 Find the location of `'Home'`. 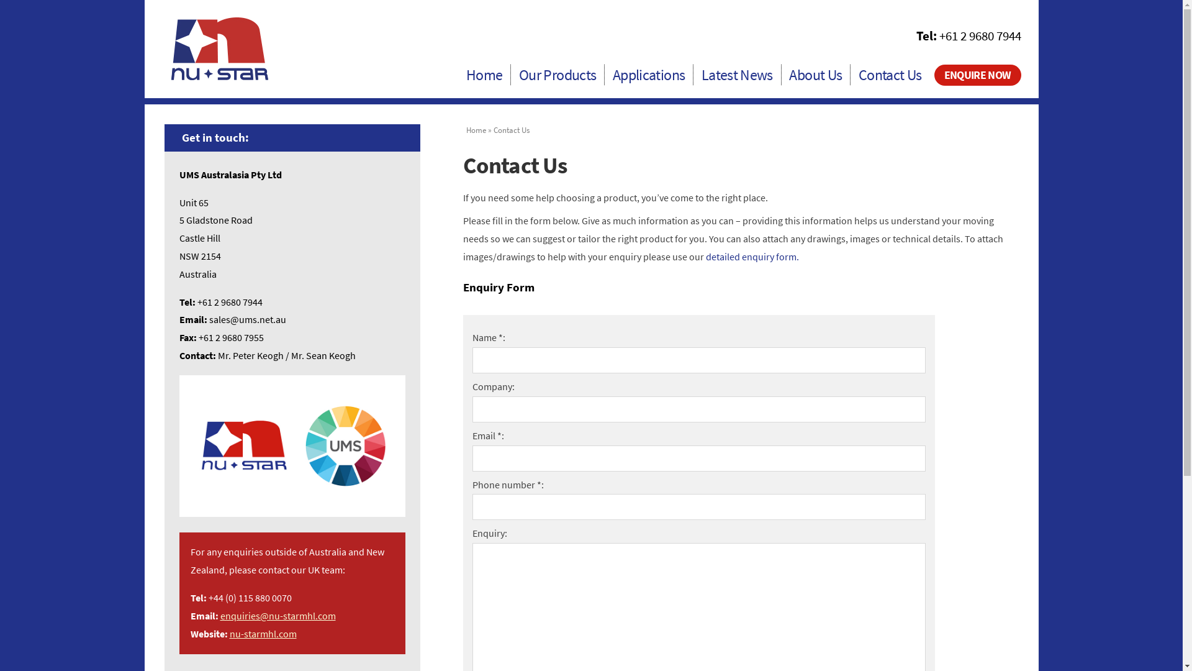

'Home' is located at coordinates (476, 129).